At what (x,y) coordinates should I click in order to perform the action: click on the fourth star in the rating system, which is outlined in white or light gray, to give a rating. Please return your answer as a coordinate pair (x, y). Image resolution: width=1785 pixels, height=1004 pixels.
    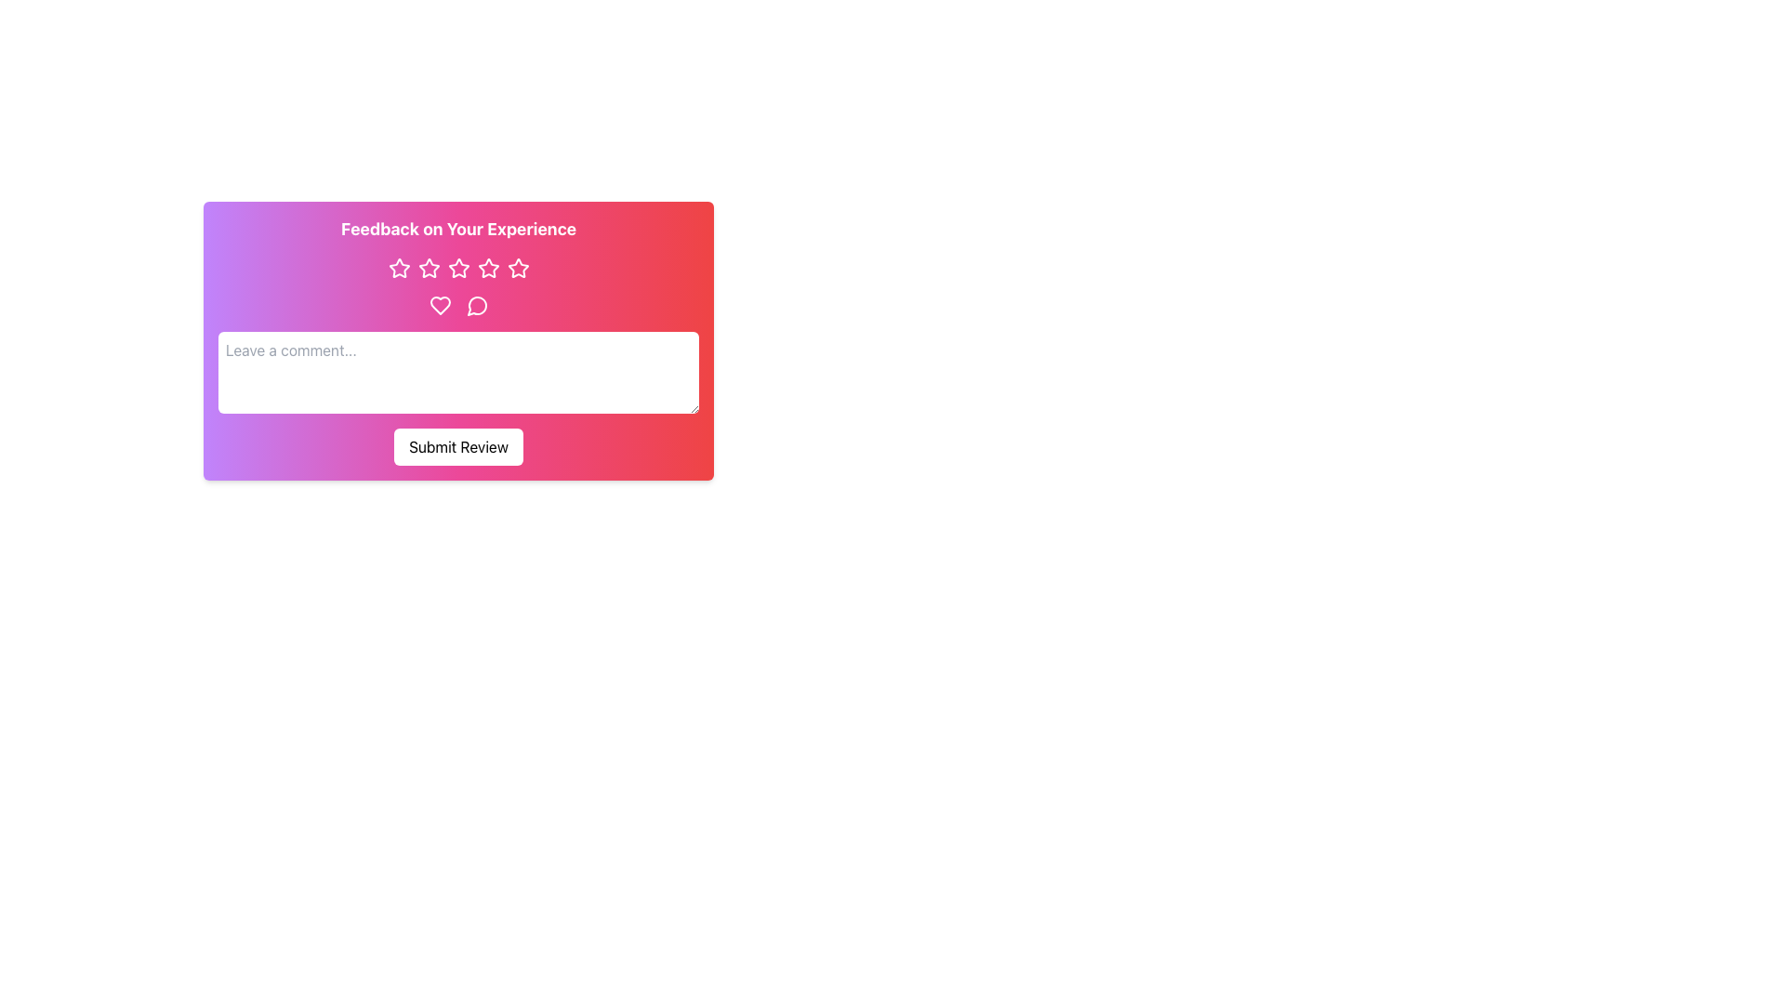
    Looking at the image, I should click on (458, 269).